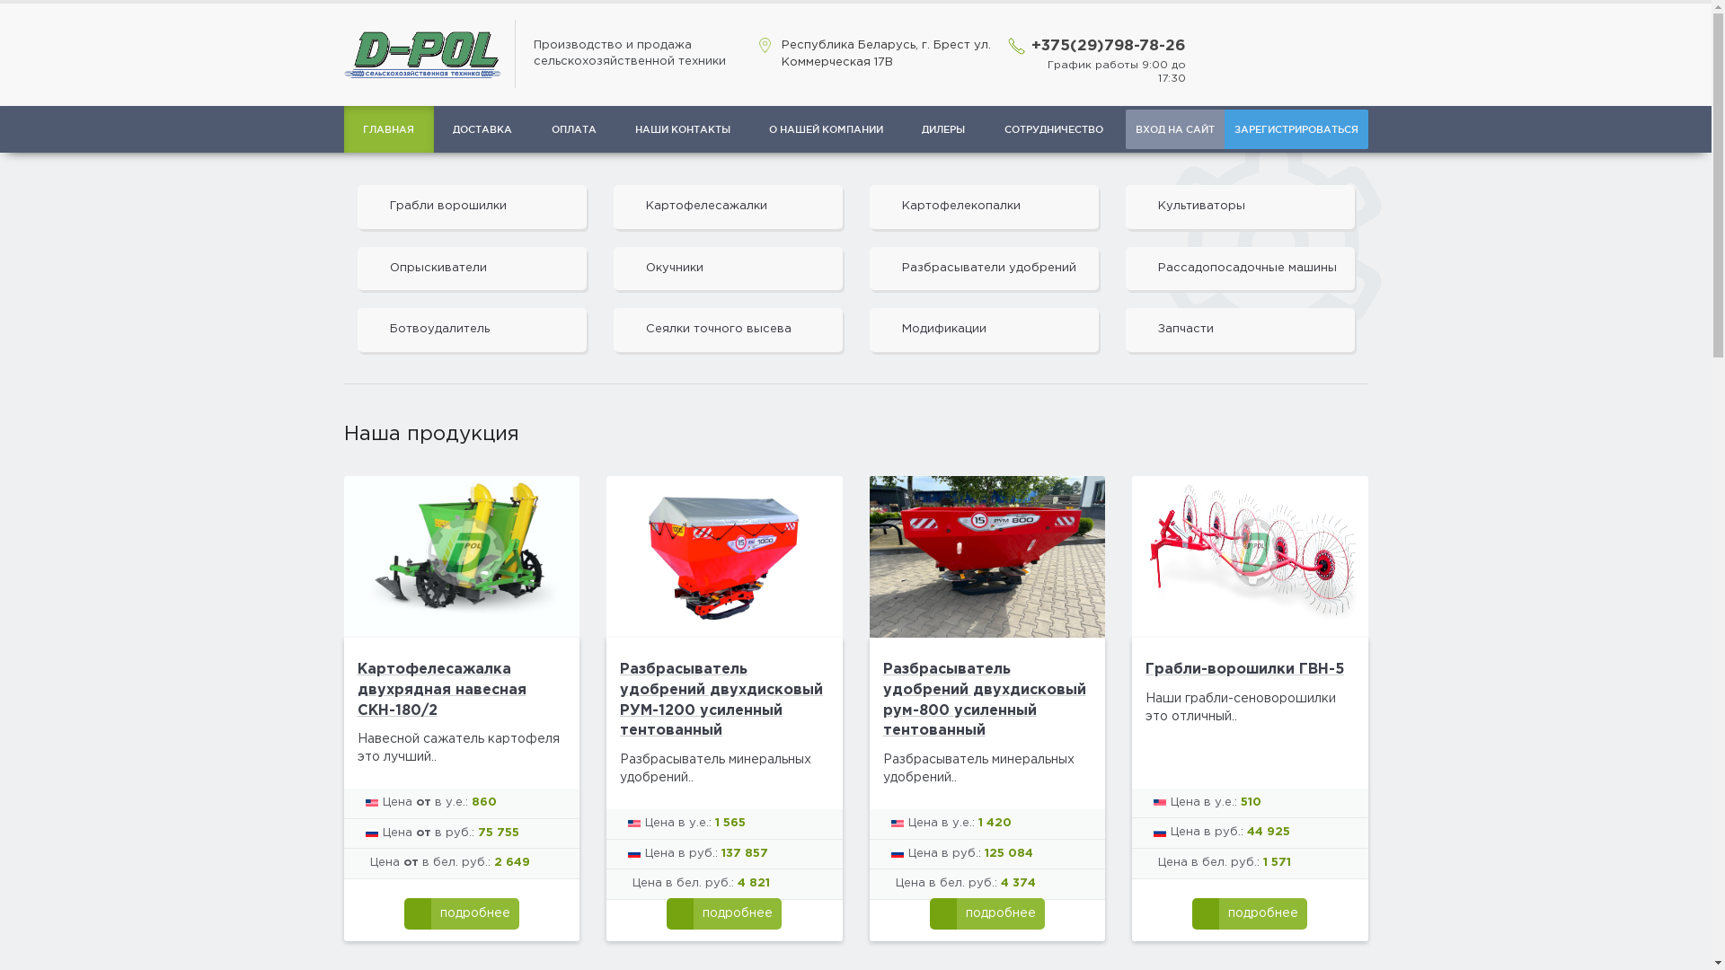 Image resolution: width=1725 pixels, height=970 pixels. I want to click on '+375(29)798-78-26', so click(1031, 45).